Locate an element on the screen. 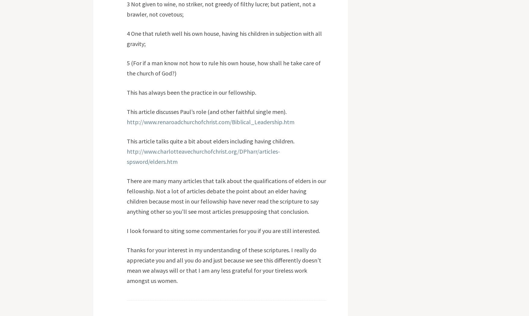  'This article talks quite a bit about elders including having children.' is located at coordinates (210, 140).